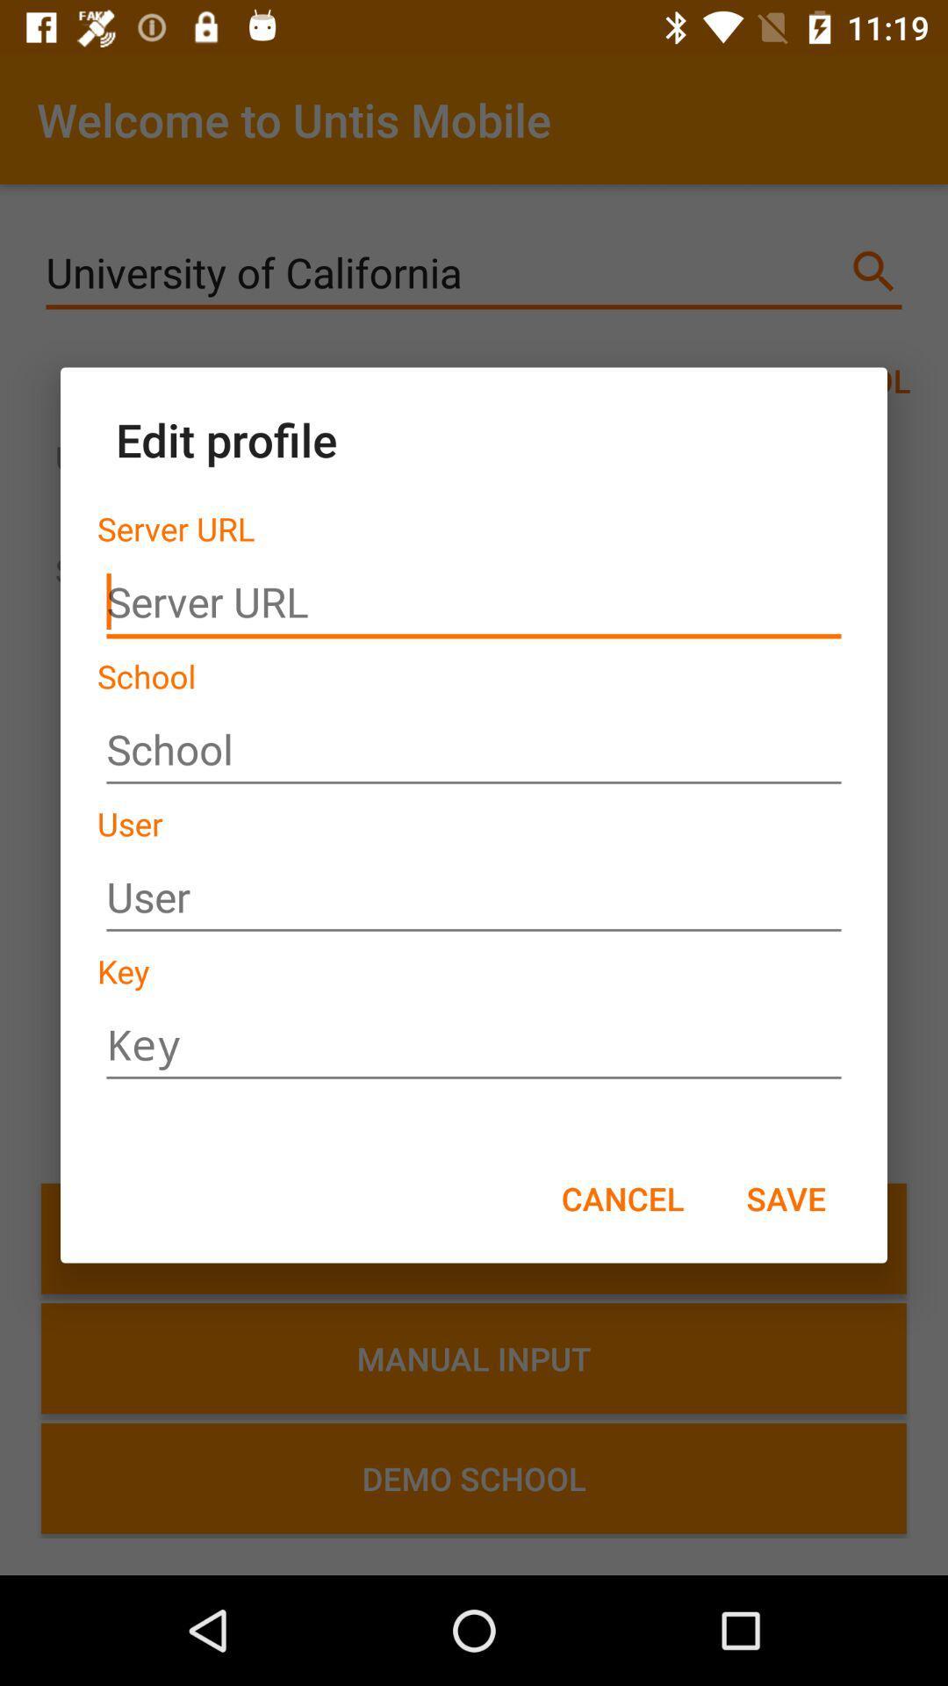 The width and height of the screenshot is (948, 1686). Describe the element at coordinates (621, 1197) in the screenshot. I see `item to the left of save` at that location.